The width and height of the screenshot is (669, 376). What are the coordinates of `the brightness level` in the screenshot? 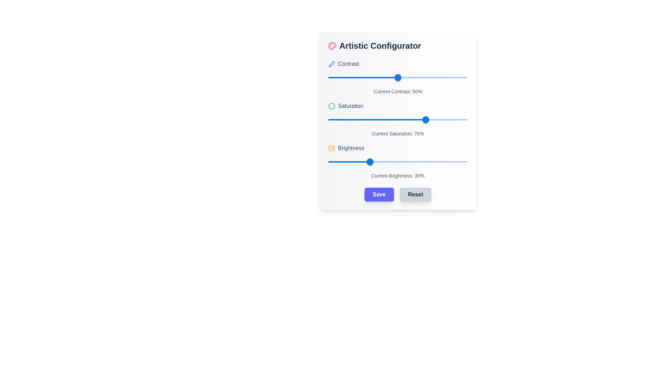 It's located at (360, 162).